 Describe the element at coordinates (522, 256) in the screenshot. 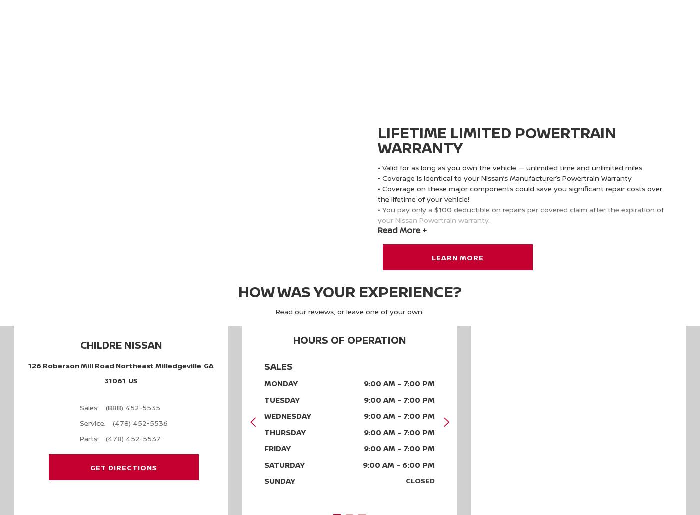

I see `'Security+Plus Lifetime Limited Powertrain Warranty is available at participating Nissan dealers only.'` at that location.